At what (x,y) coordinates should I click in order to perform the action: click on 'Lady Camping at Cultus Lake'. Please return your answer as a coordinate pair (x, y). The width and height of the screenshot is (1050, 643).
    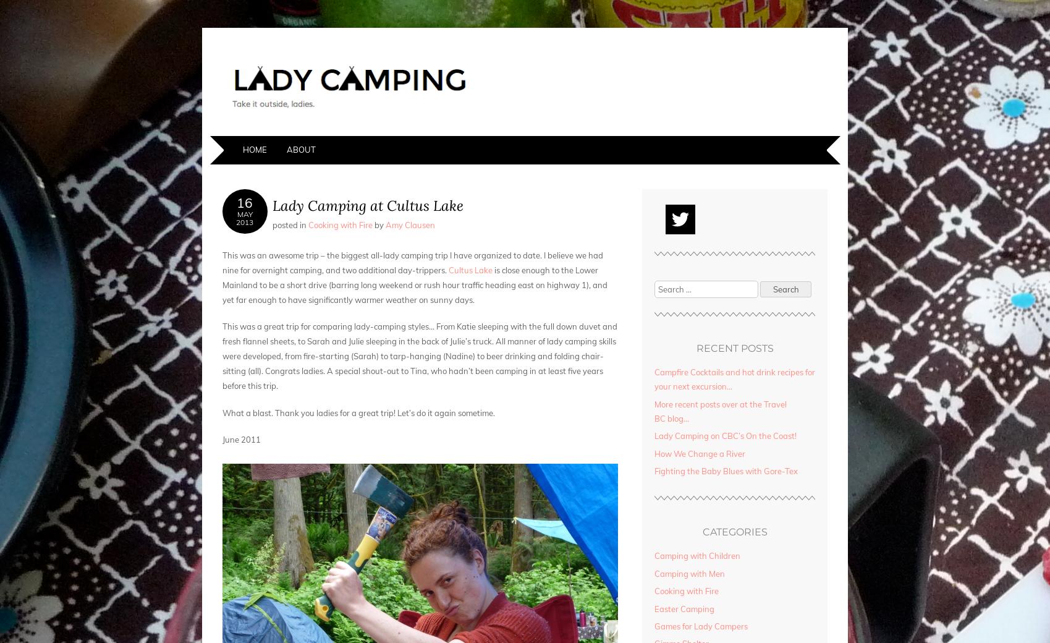
    Looking at the image, I should click on (368, 204).